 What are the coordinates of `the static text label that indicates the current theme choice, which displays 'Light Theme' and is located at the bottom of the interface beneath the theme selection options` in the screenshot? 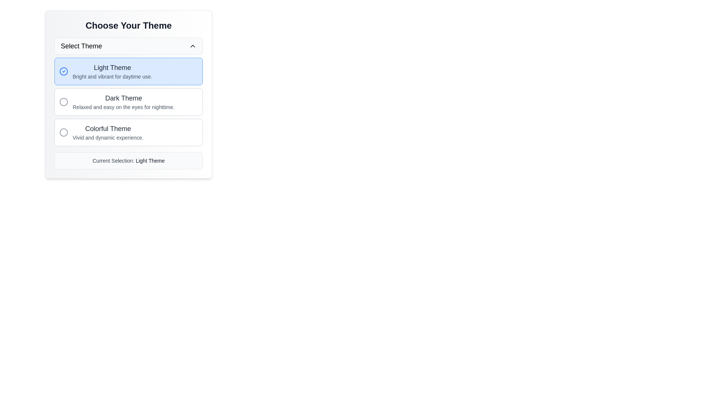 It's located at (129, 160).